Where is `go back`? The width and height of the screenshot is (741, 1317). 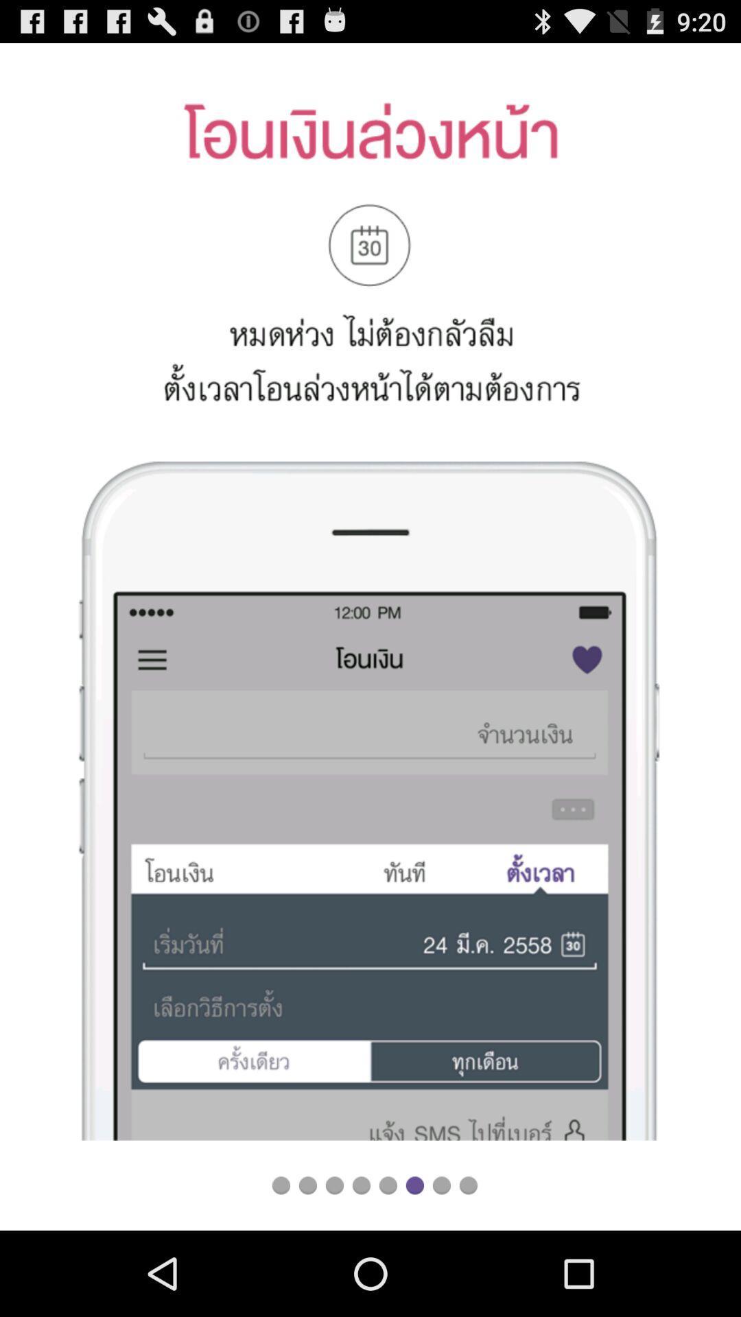 go back is located at coordinates (334, 1185).